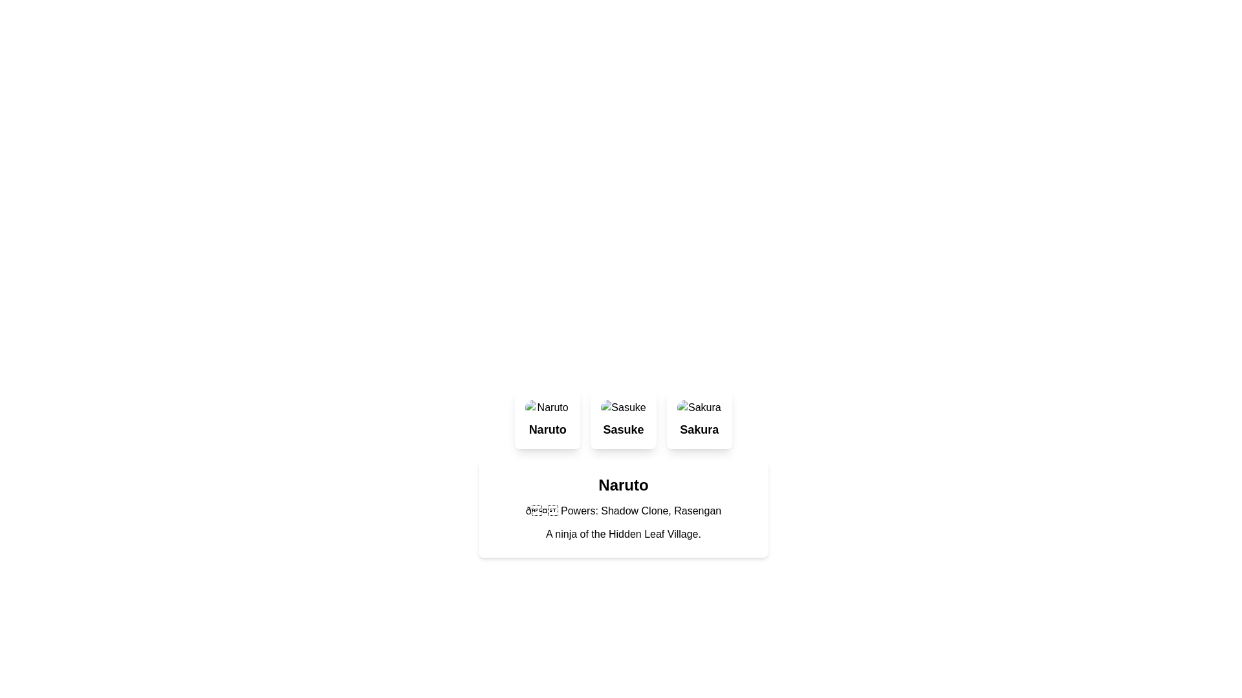 This screenshot has width=1242, height=698. Describe the element at coordinates (624, 419) in the screenshot. I see `the card representing 'Sasuke'` at that location.